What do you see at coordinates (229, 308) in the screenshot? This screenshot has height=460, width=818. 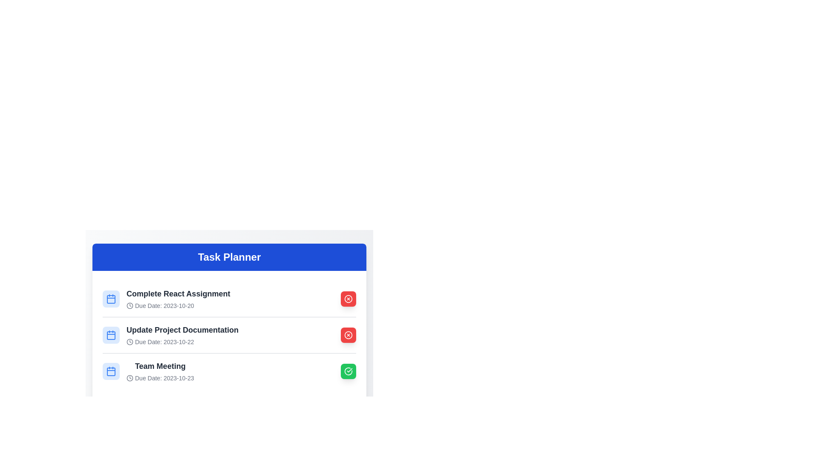 I see `task details from the 'Task Planner' panel, which has a white background and contains task information` at bounding box center [229, 308].